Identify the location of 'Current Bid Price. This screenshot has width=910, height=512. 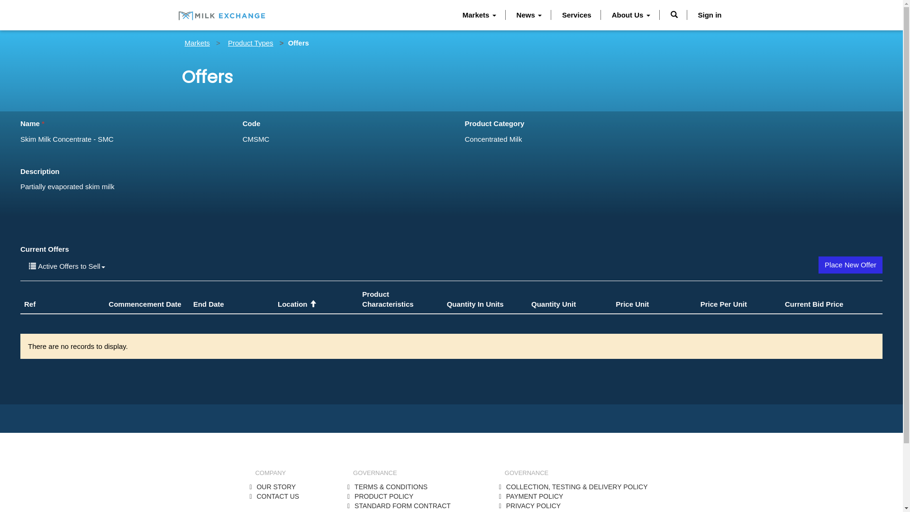
(813, 304).